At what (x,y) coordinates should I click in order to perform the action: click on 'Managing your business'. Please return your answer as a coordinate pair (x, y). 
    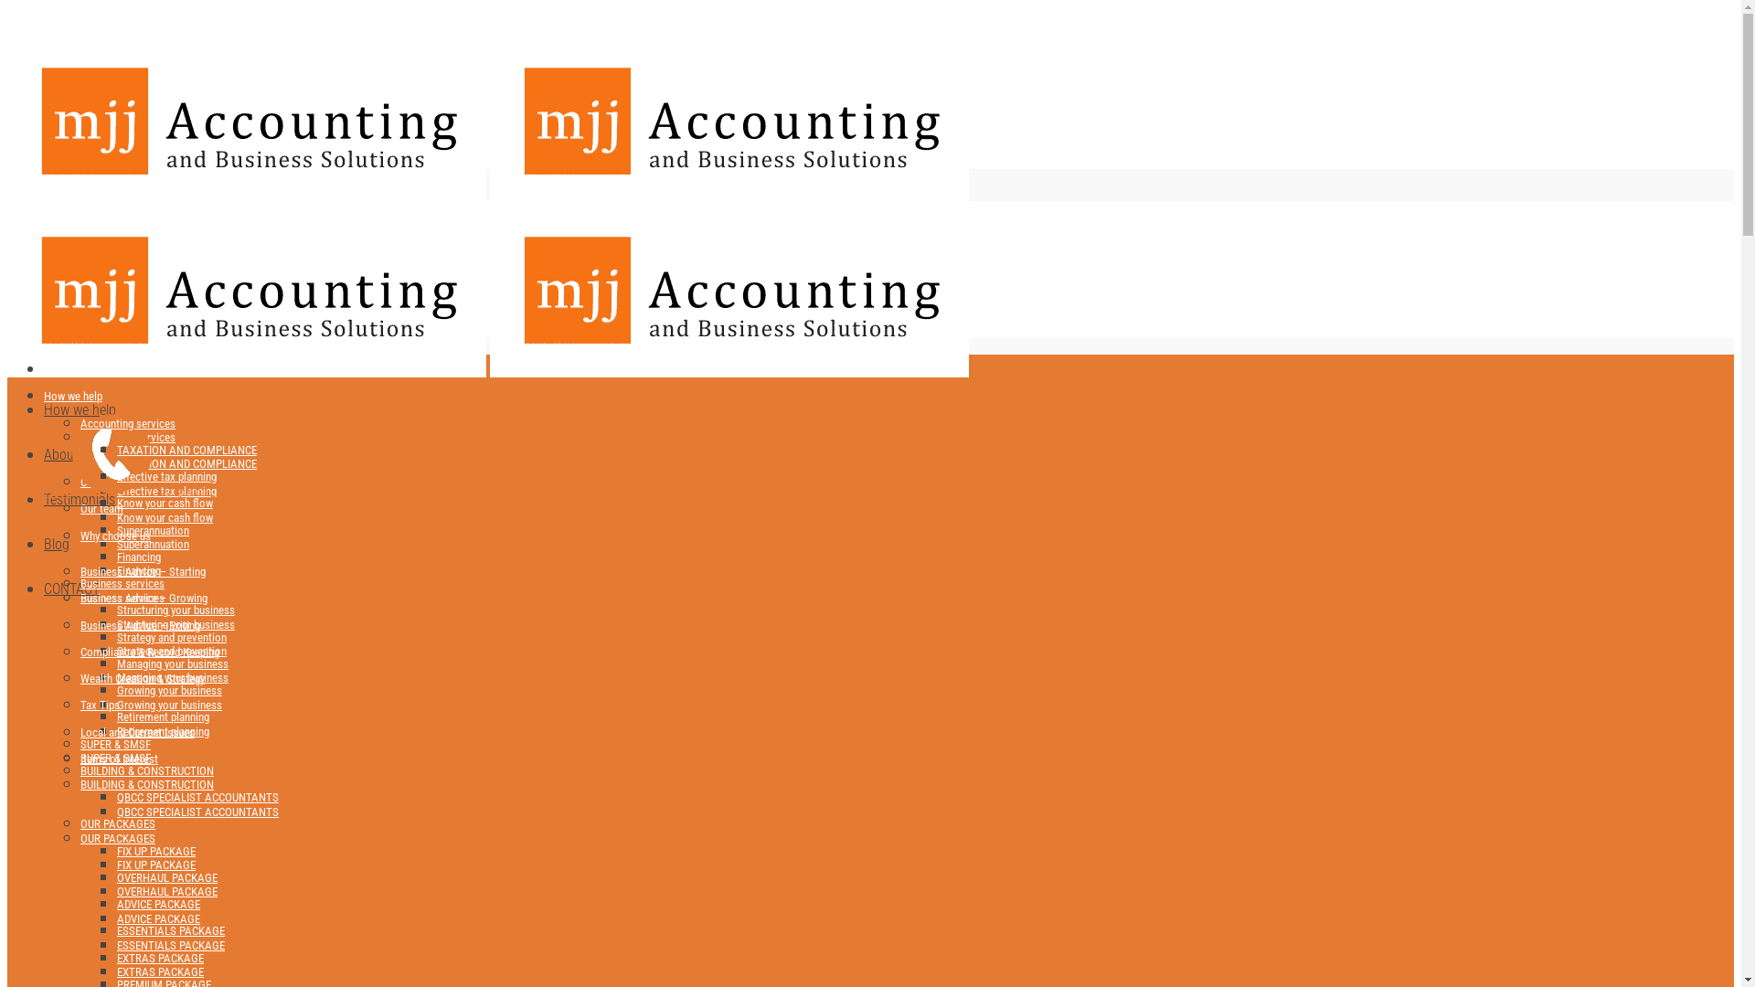
    Looking at the image, I should click on (172, 663).